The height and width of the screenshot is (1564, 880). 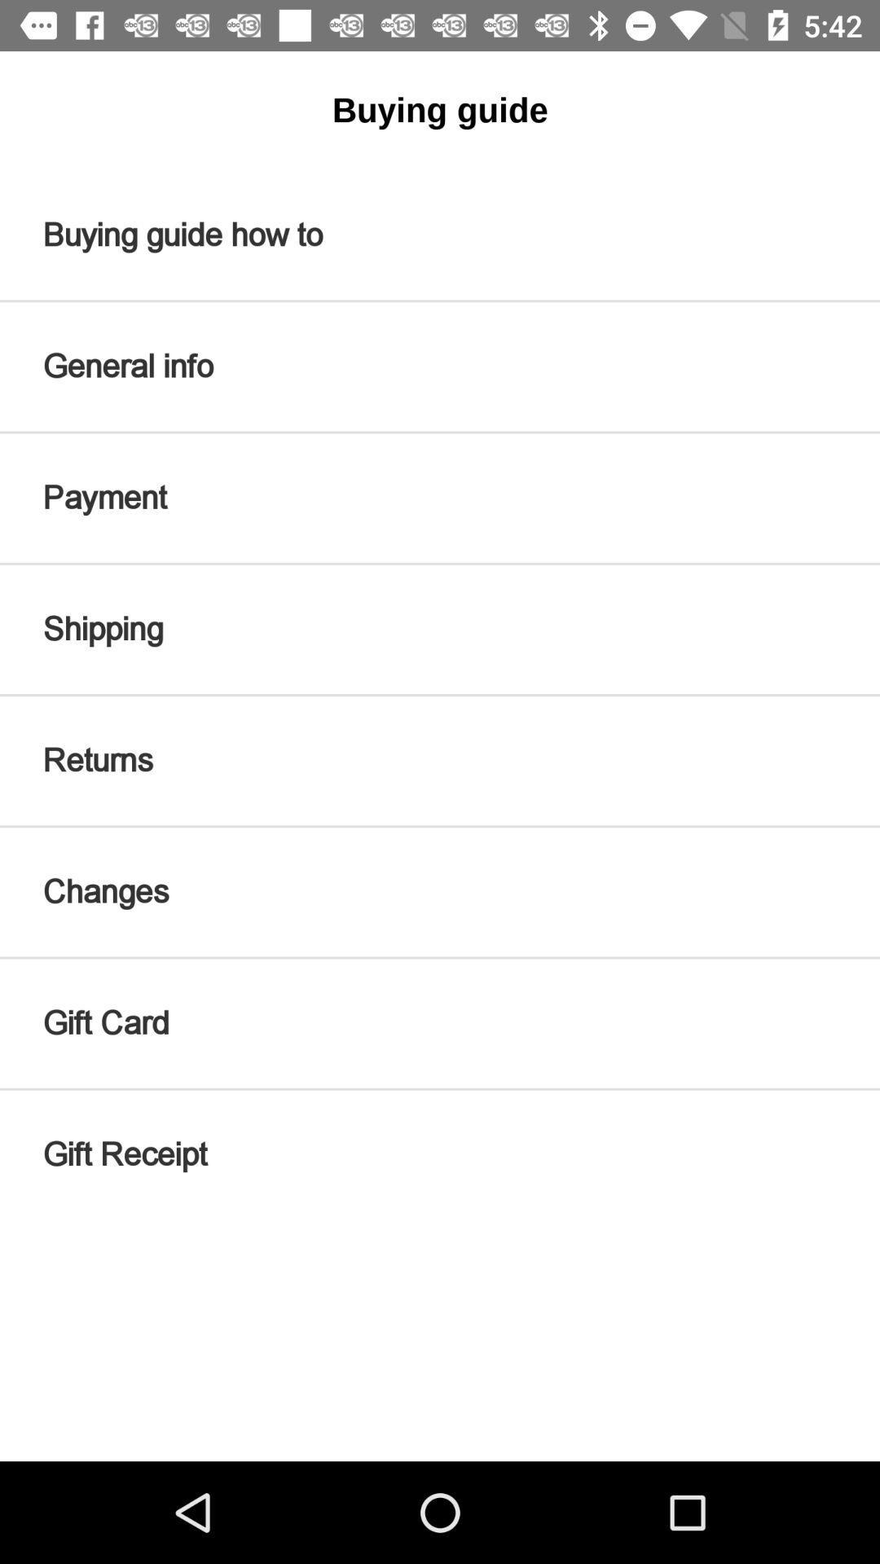 I want to click on the item below buying guide how item, so click(x=440, y=366).